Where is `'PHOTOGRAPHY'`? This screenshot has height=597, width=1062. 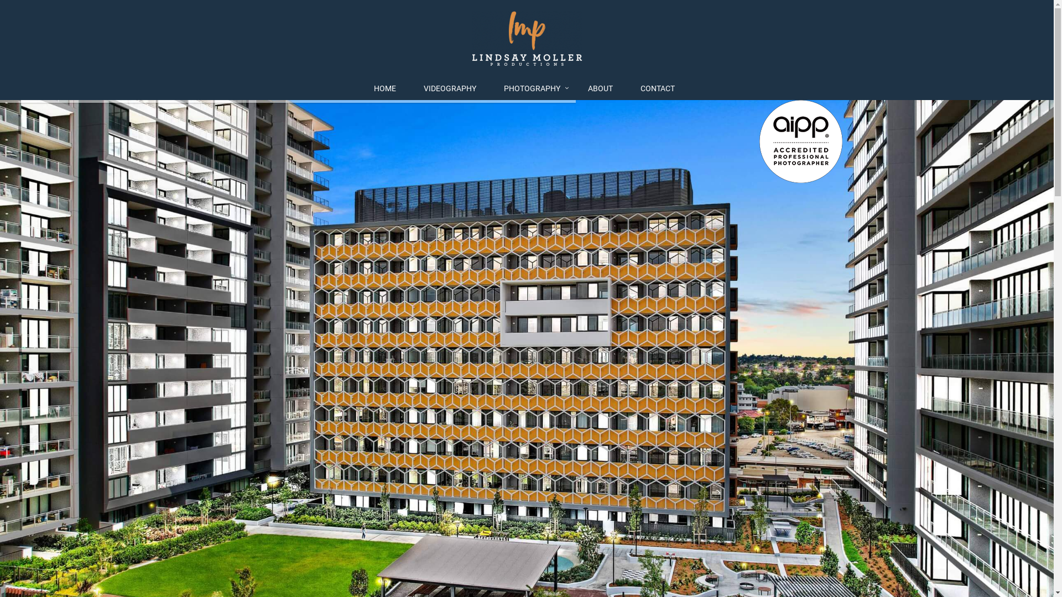
'PHOTOGRAPHY' is located at coordinates (534, 88).